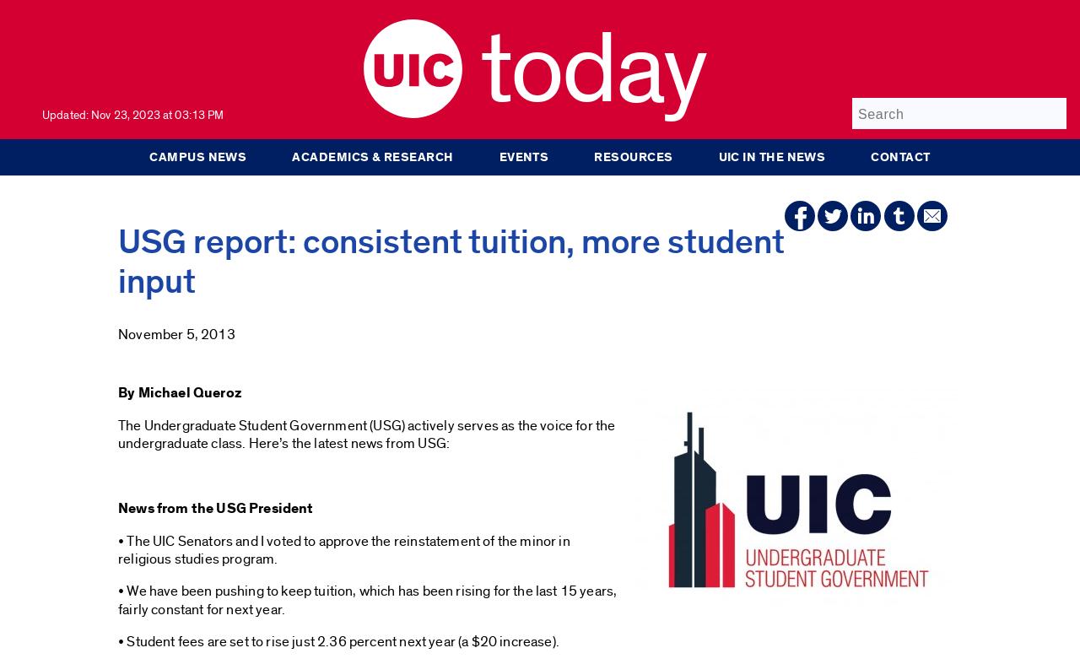 The width and height of the screenshot is (1080, 664). What do you see at coordinates (365, 434) in the screenshot?
I see `'The Undergraduate Student Government (USG) actively serves as the voice for the undergraduate class. Here’s the latest news from USG:'` at bounding box center [365, 434].